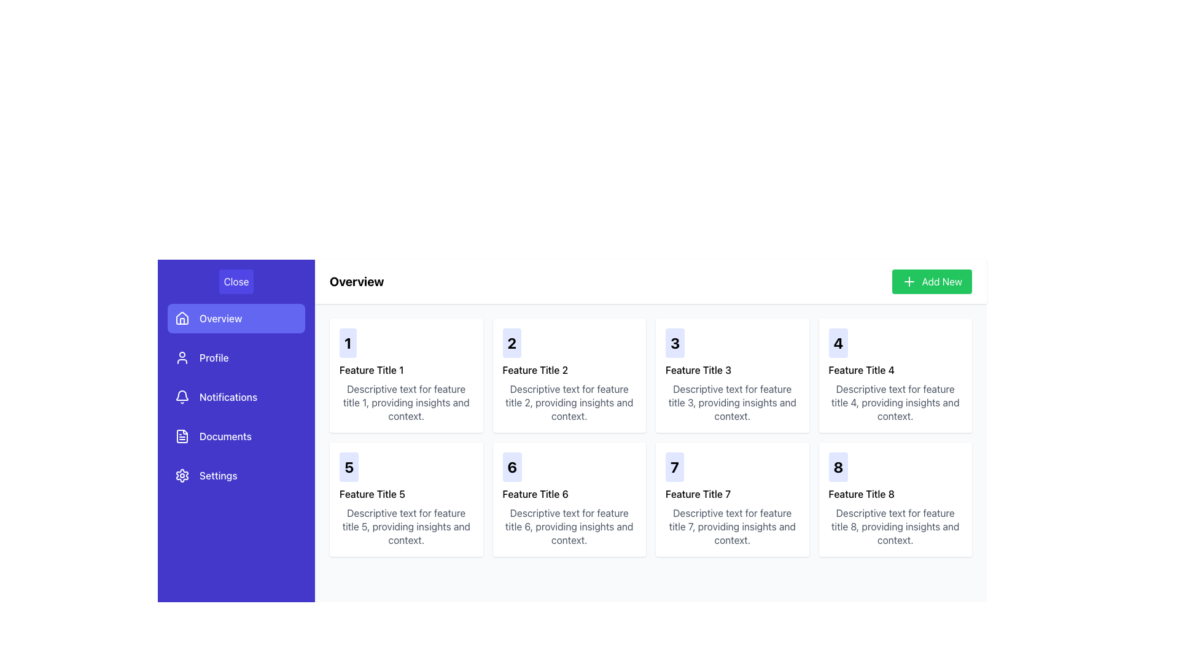  What do you see at coordinates (512, 467) in the screenshot?
I see `the label representing the identifier for the card titled 'Feature Title 6' located in the upper-central part of the card in the second row, second column of the grid view` at bounding box center [512, 467].